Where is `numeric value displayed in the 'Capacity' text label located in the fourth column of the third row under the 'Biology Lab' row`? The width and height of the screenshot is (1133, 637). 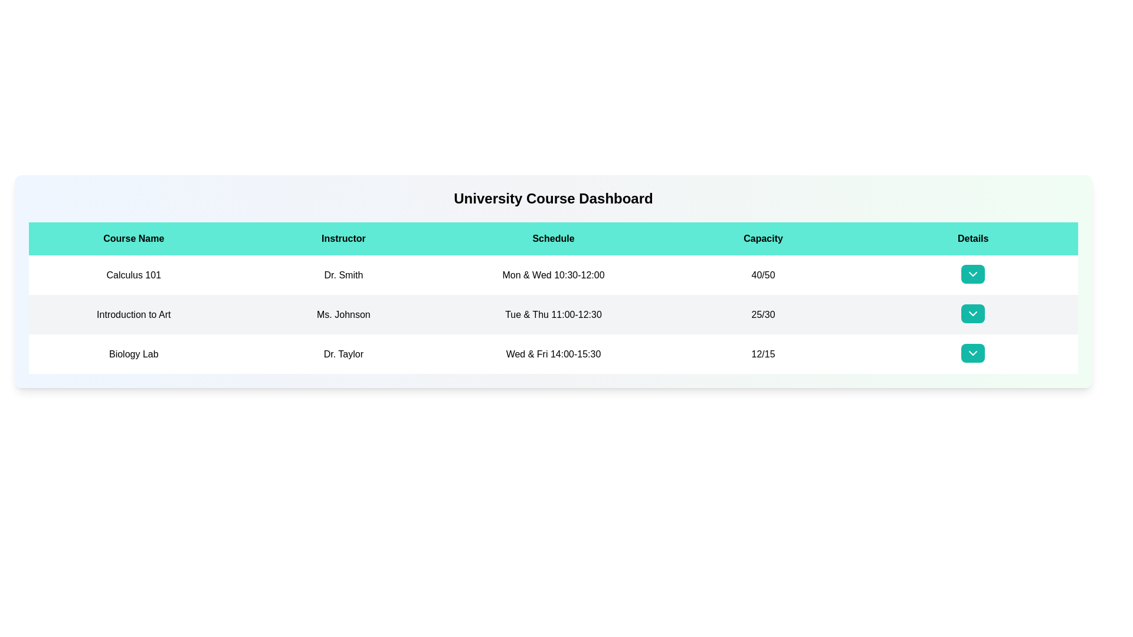
numeric value displayed in the 'Capacity' text label located in the fourth column of the third row under the 'Biology Lab' row is located at coordinates (763, 353).